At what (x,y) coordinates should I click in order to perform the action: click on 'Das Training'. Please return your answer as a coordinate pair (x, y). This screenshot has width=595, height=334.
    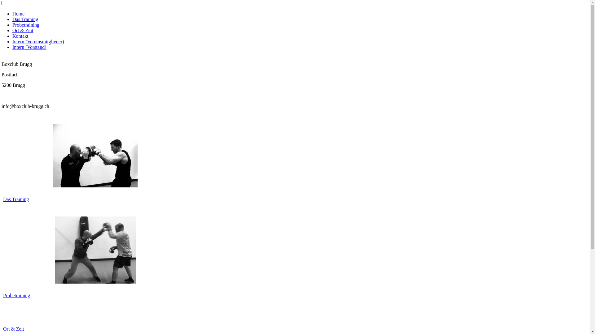
    Looking at the image, I should click on (16, 199).